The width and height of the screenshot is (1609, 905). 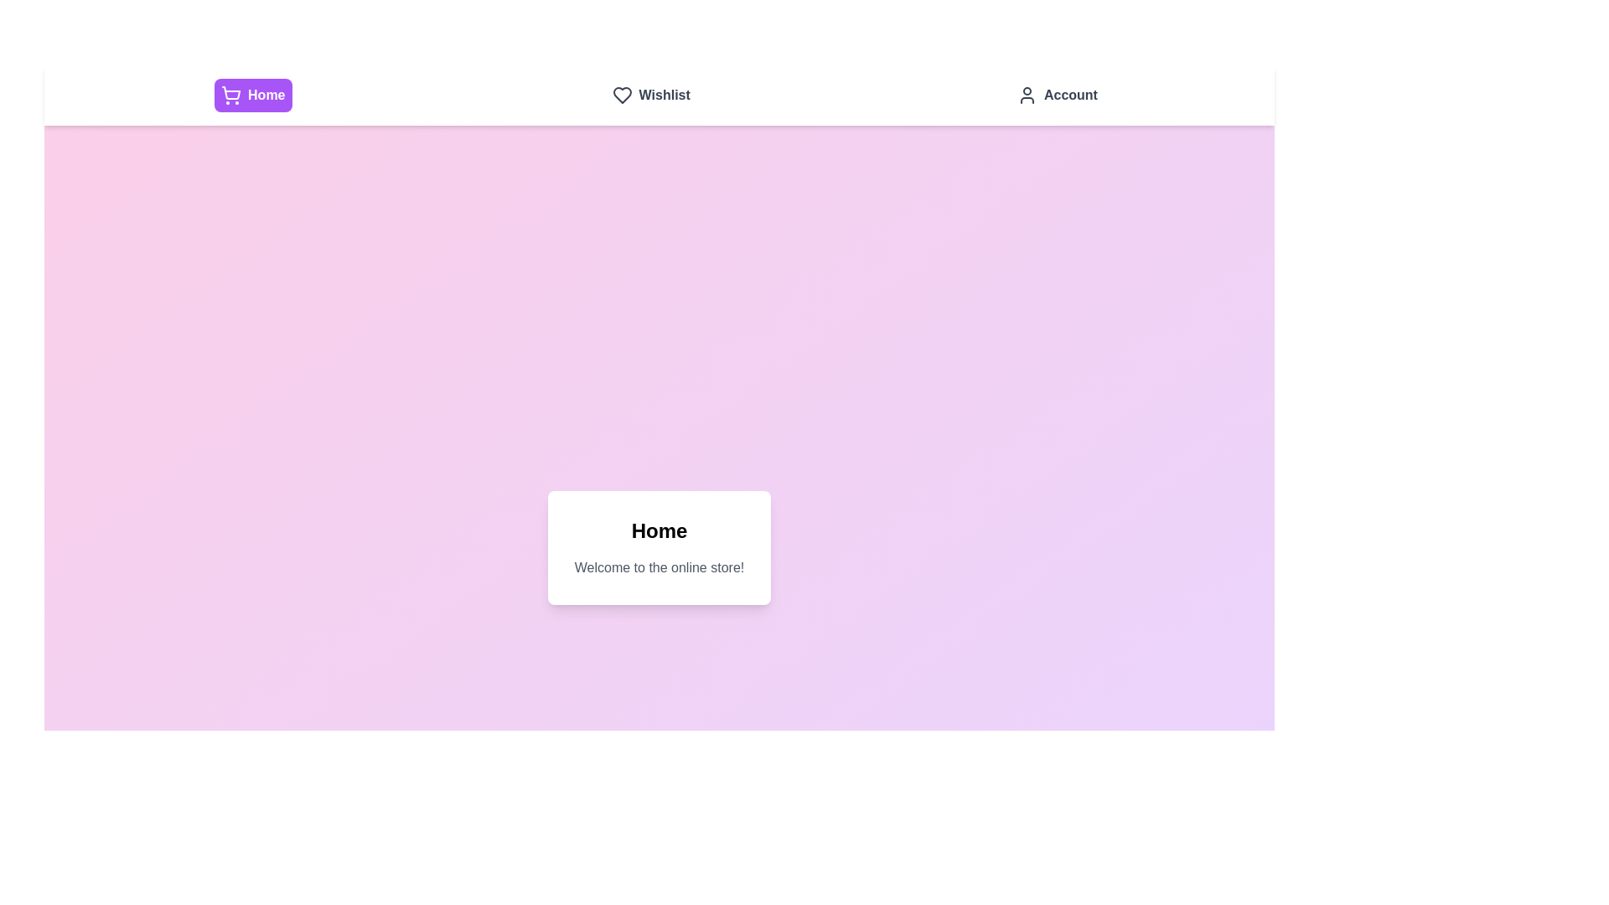 What do you see at coordinates (252, 96) in the screenshot?
I see `the navigation tab labeled Home` at bounding box center [252, 96].